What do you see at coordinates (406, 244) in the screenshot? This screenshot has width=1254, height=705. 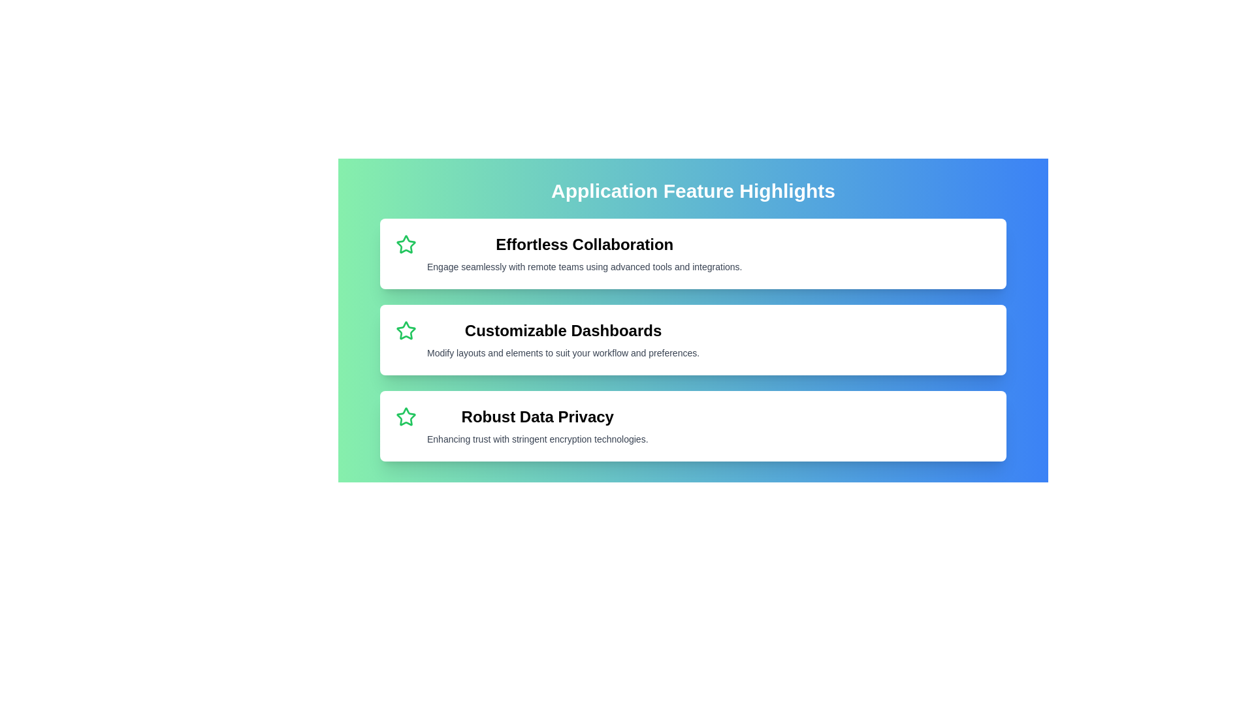 I see `the first icon in the feature highlight section that visually represents 'Effortless Collaboration' to associate it with the feature text` at bounding box center [406, 244].